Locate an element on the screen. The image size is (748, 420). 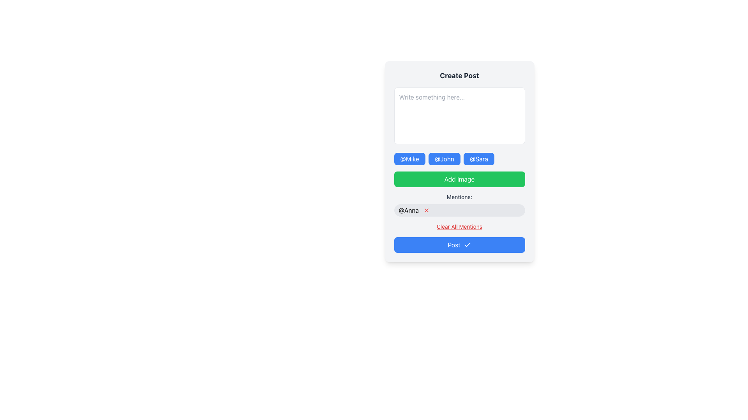
the second button labeled '@John' in the row of three buttons is located at coordinates (444, 158).